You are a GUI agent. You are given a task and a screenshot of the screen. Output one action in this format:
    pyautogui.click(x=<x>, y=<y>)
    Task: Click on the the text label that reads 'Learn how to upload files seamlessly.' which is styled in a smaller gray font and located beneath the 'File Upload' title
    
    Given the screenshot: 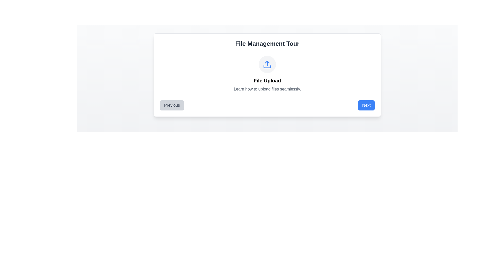 What is the action you would take?
    pyautogui.click(x=267, y=89)
    